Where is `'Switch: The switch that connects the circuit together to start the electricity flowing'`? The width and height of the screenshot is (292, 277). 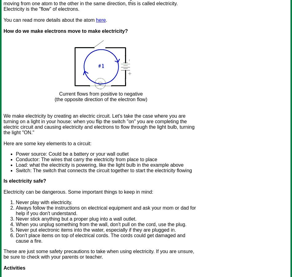
'Switch: The switch that connects the circuit together to start the electricity flowing' is located at coordinates (103, 170).